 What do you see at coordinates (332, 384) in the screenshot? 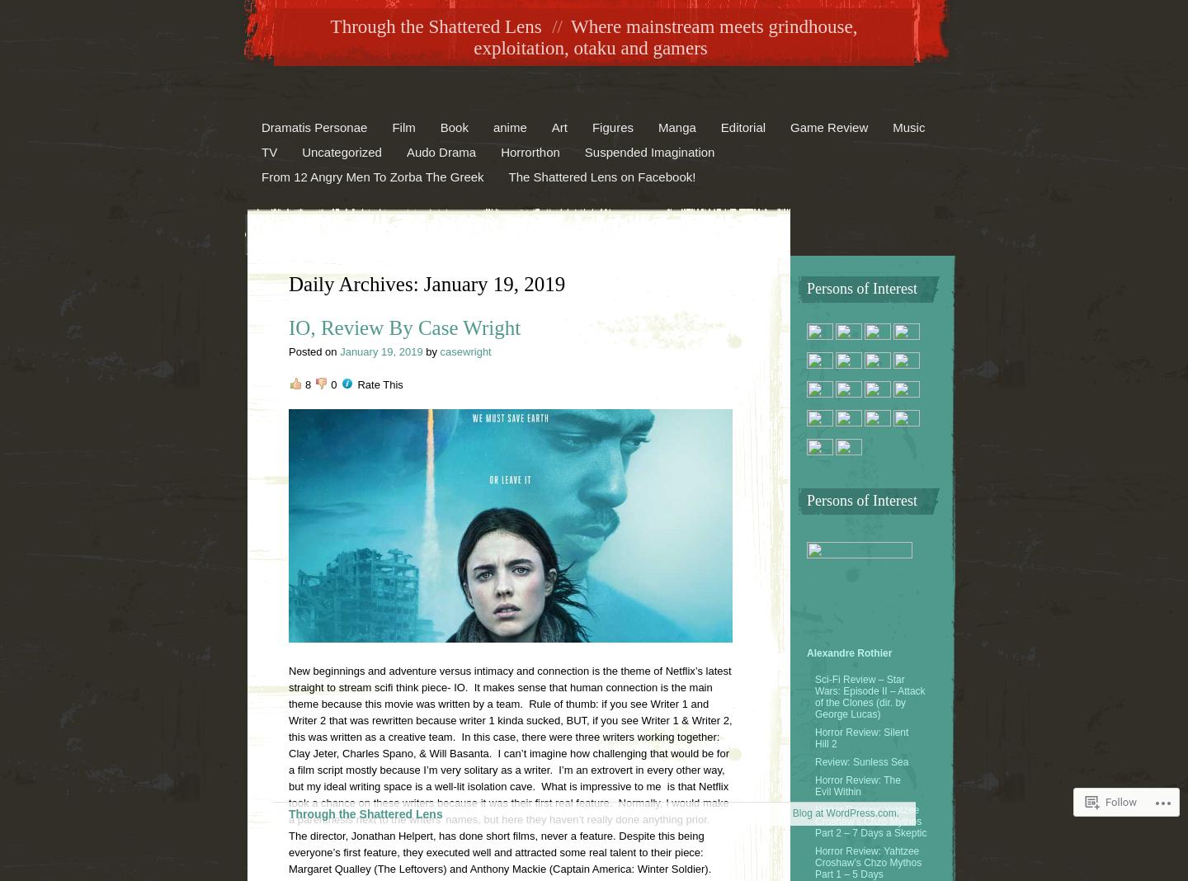
I see `'0'` at bounding box center [332, 384].